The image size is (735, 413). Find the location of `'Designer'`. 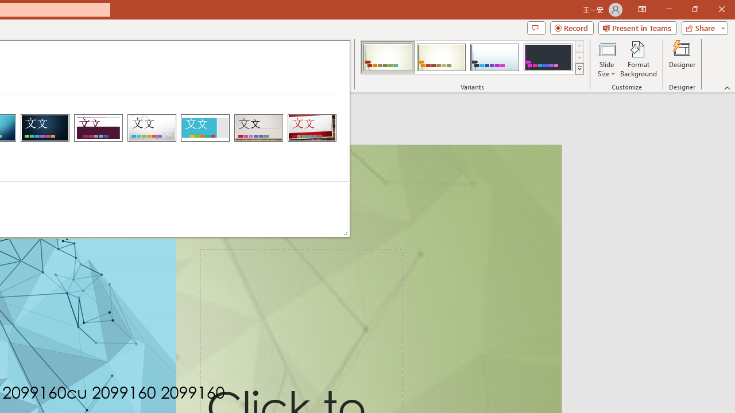

'Designer' is located at coordinates (682, 59).